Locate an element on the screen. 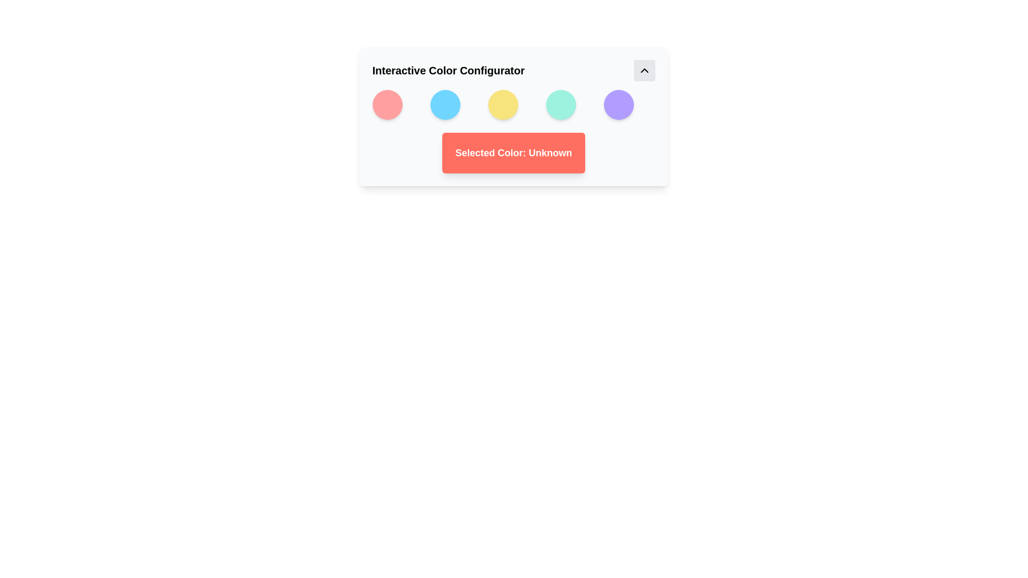  the icon in the top-right corner of the 'Interactive Color Configurator' panel is located at coordinates (644, 70).